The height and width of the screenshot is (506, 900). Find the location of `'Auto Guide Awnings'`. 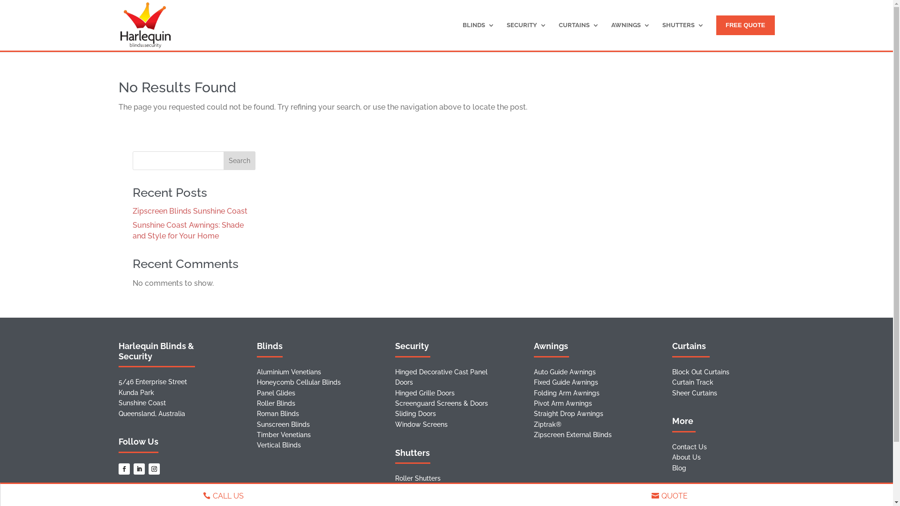

'Auto Guide Awnings' is located at coordinates (564, 372).